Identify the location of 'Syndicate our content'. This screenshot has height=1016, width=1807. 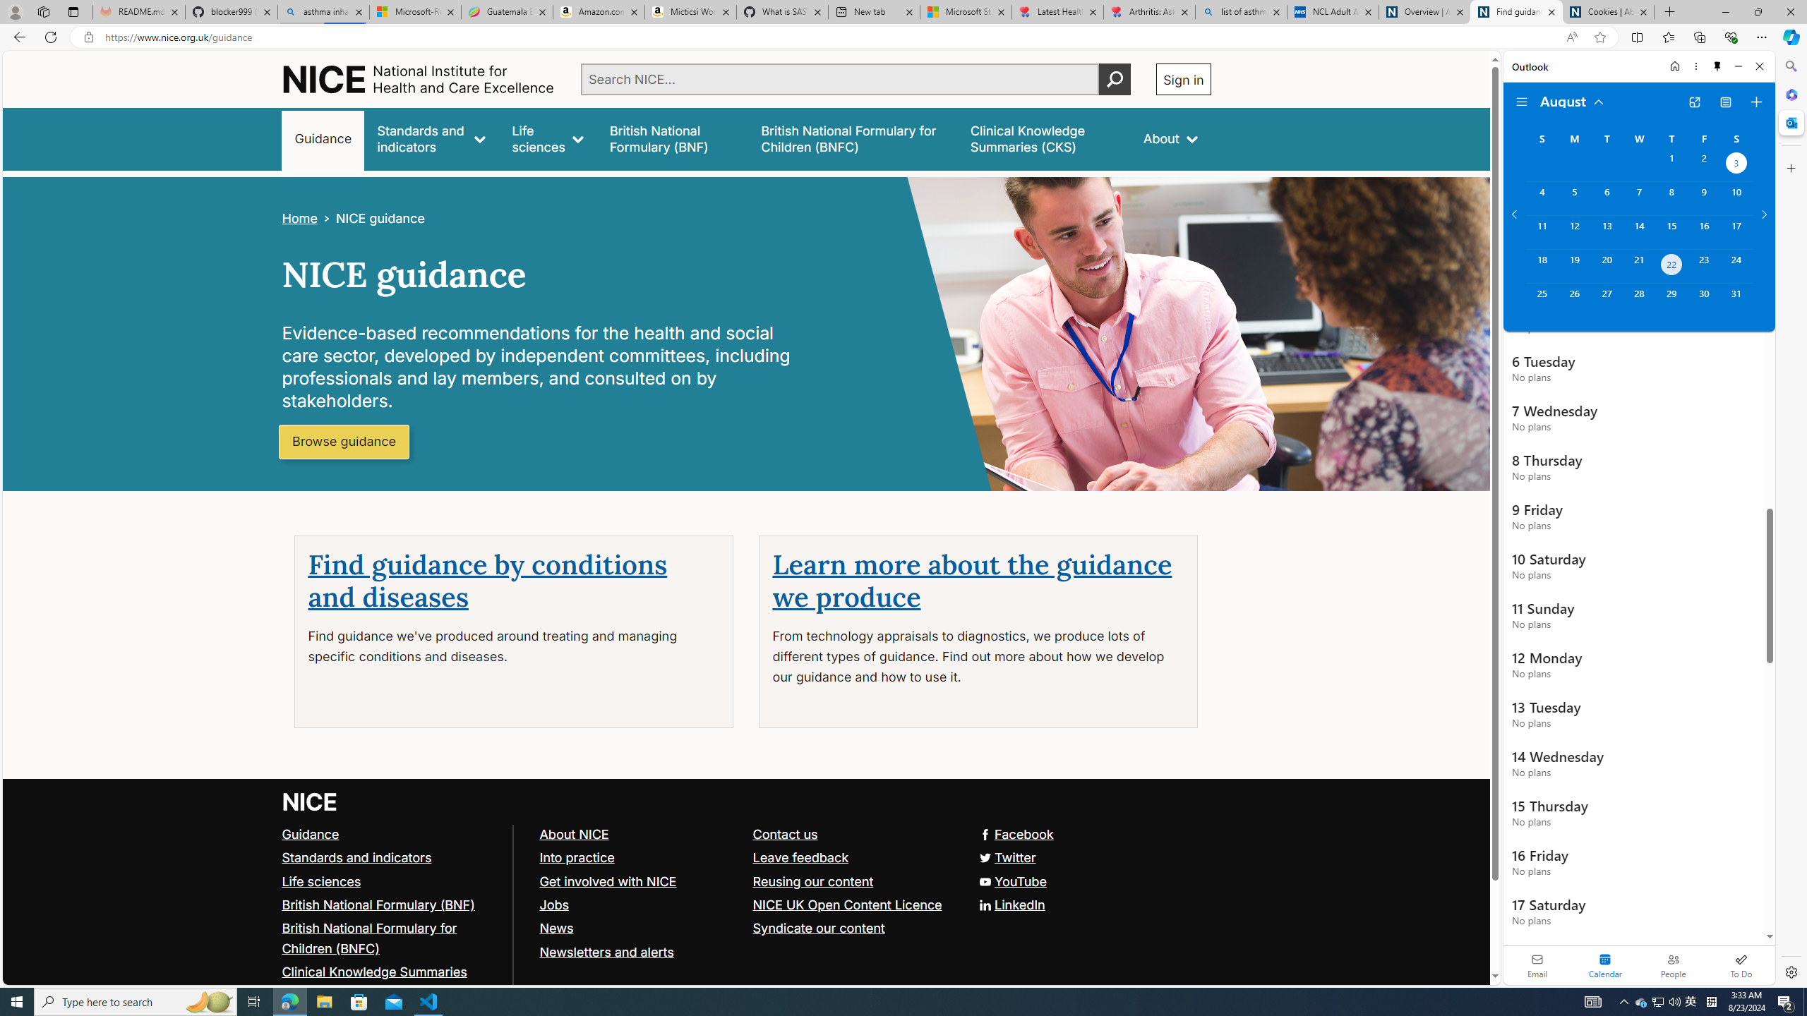
(817, 927).